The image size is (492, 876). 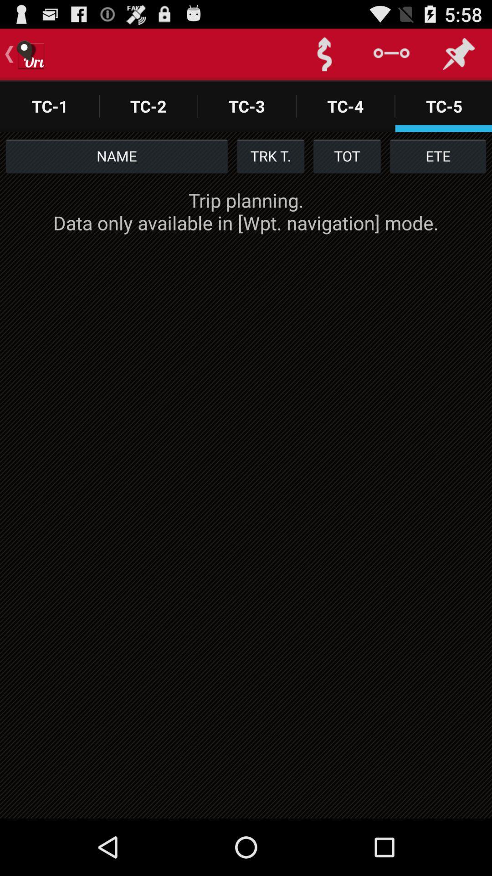 I want to click on the app above trip planning data app, so click(x=116, y=156).